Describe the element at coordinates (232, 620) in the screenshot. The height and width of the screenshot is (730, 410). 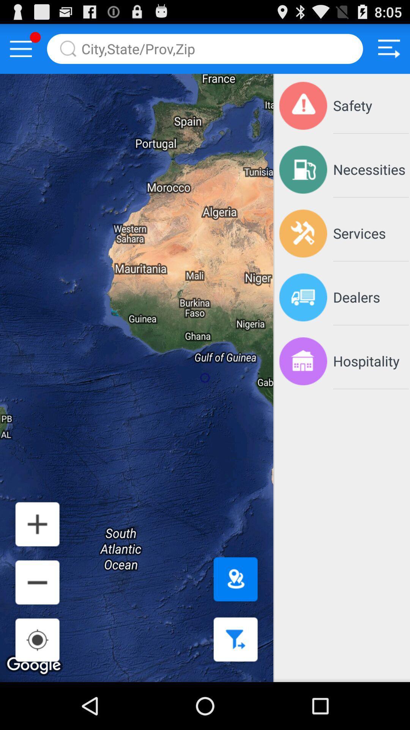
I see `the location icon` at that location.